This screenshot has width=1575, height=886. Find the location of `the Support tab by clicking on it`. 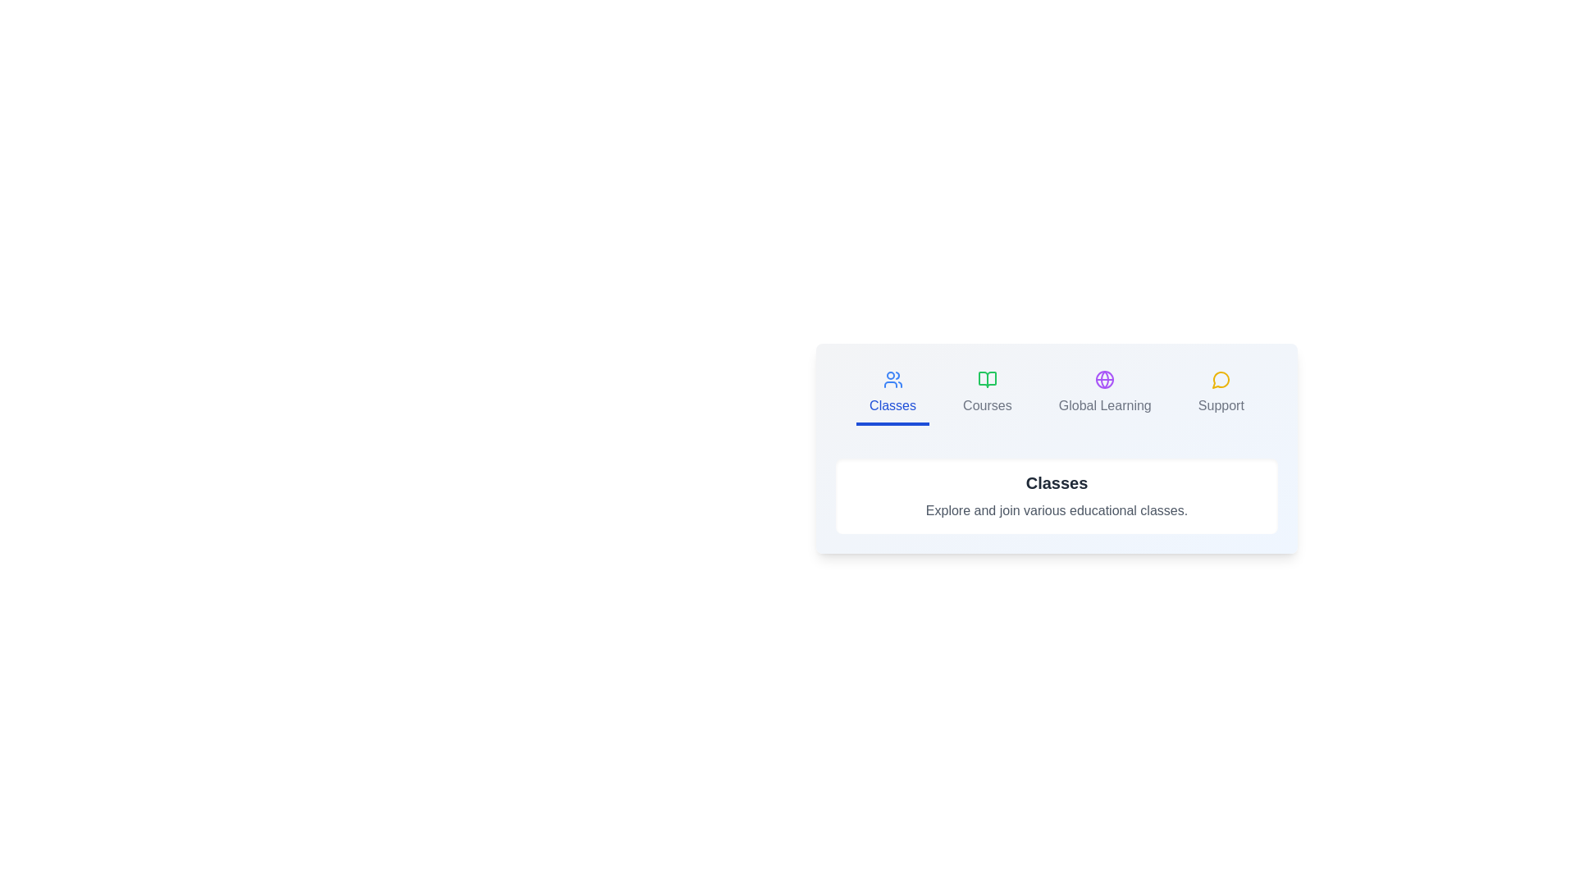

the Support tab by clicking on it is located at coordinates (1221, 395).